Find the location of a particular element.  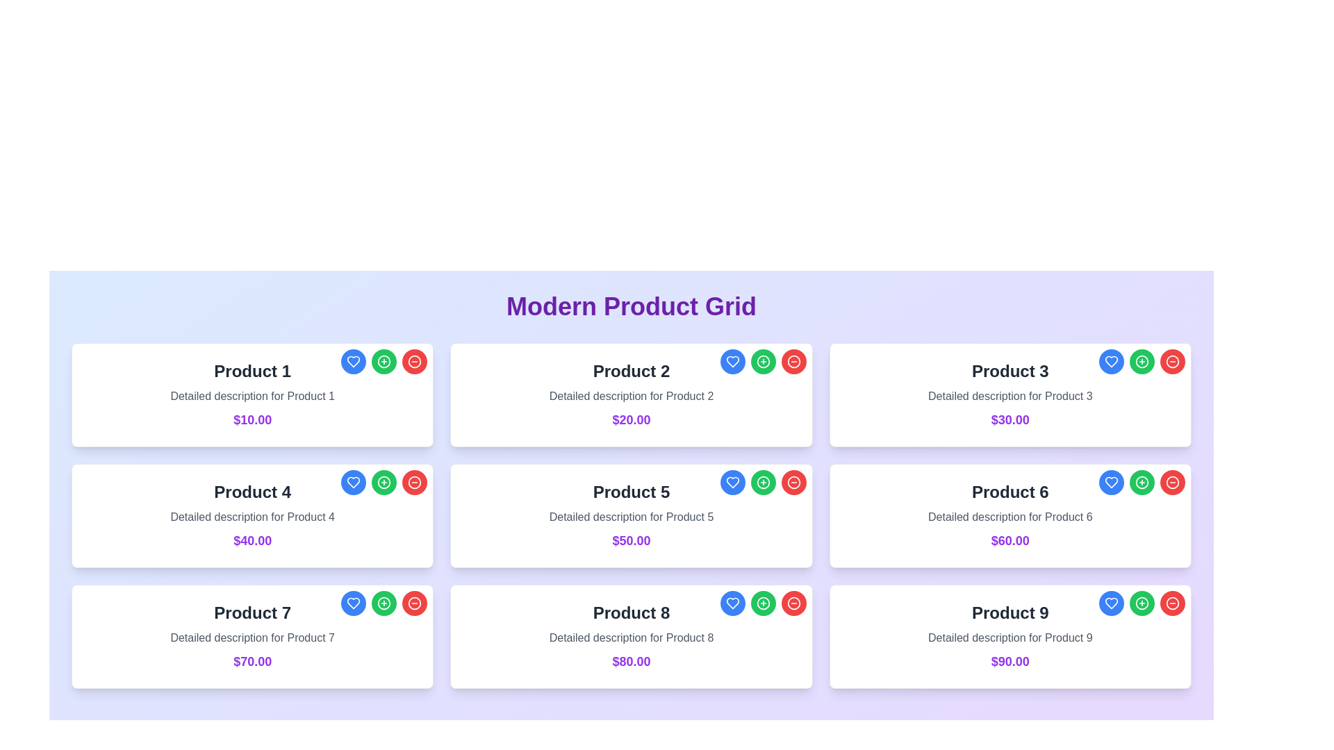

the static text label displaying 'Product 8' which is bold and located in the lower-left portion of the grid layout, specifically on the third row and second column is located at coordinates (630, 612).